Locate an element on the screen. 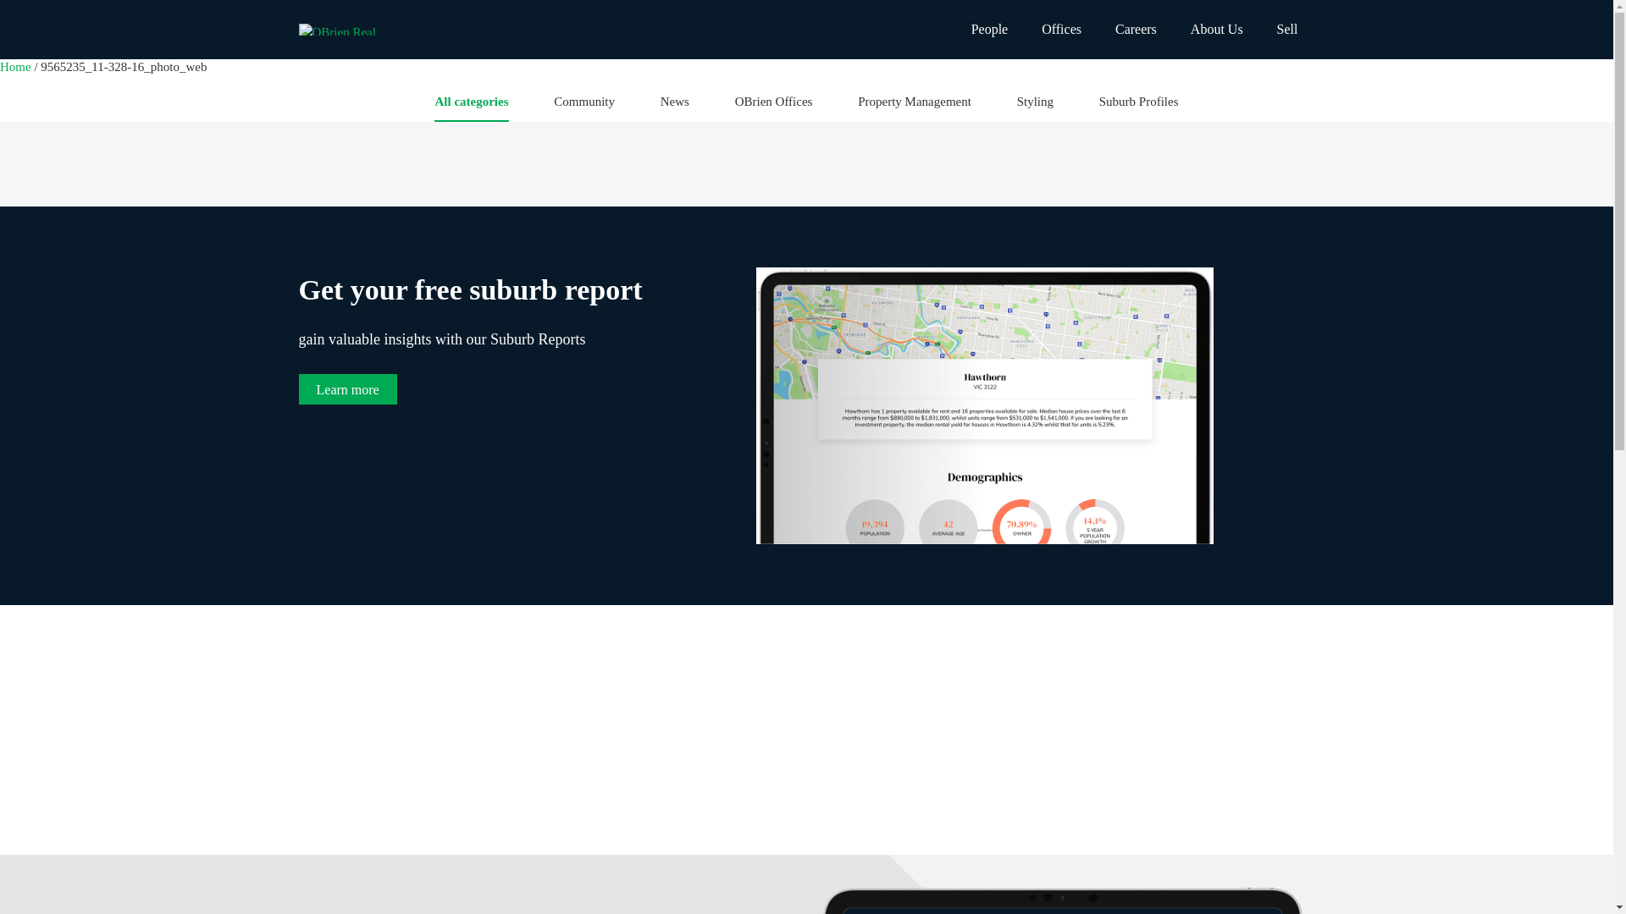 The height and width of the screenshot is (914, 1626). 'Styling' is located at coordinates (1034, 107).